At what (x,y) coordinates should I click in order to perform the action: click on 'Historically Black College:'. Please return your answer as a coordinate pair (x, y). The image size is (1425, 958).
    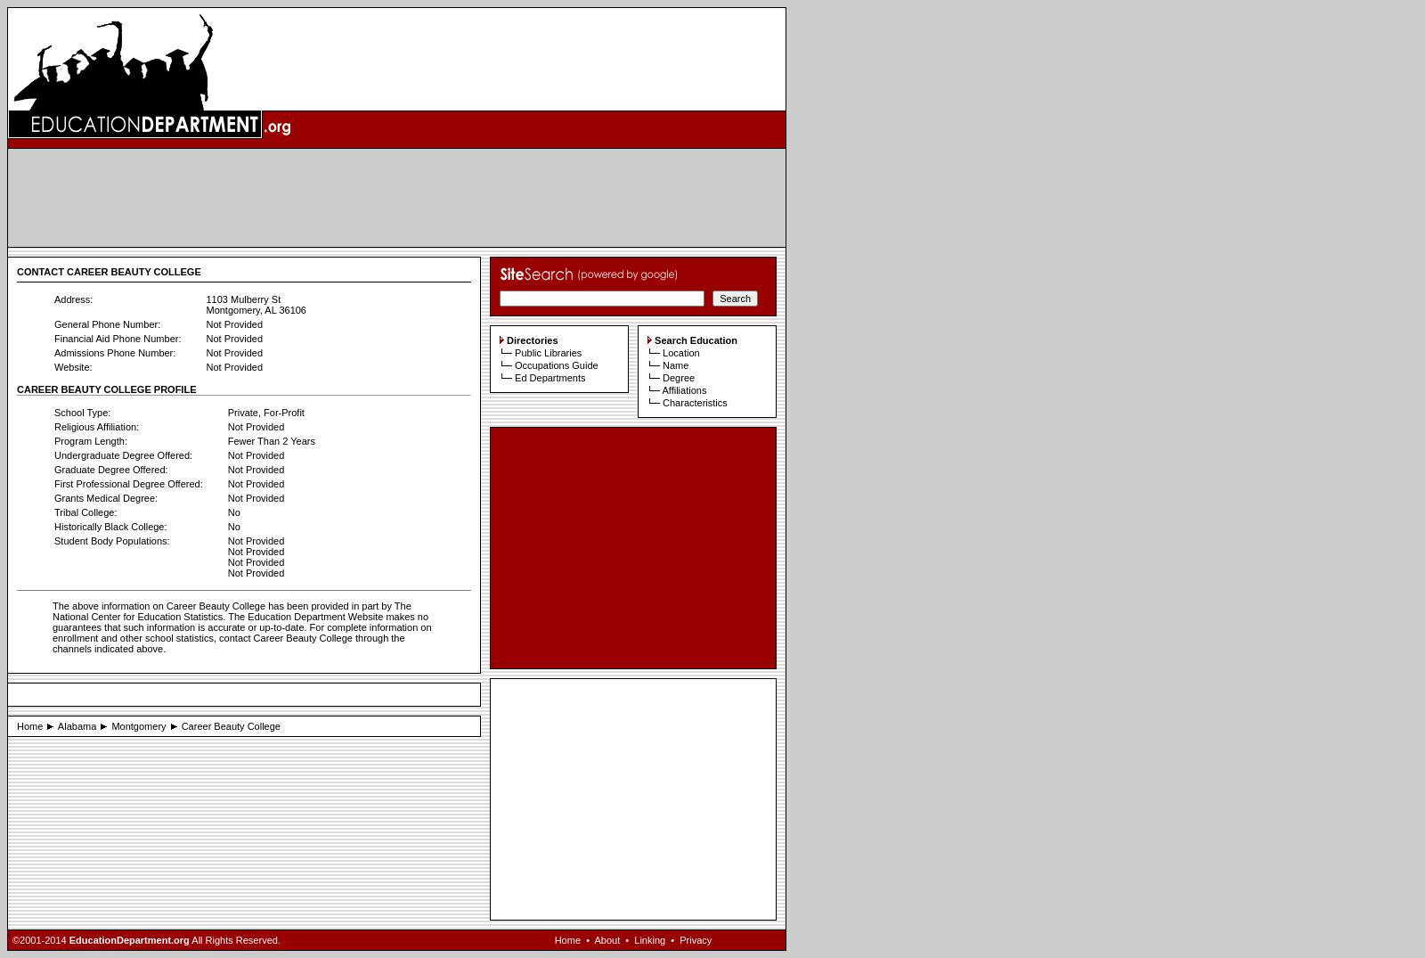
    Looking at the image, I should click on (53, 526).